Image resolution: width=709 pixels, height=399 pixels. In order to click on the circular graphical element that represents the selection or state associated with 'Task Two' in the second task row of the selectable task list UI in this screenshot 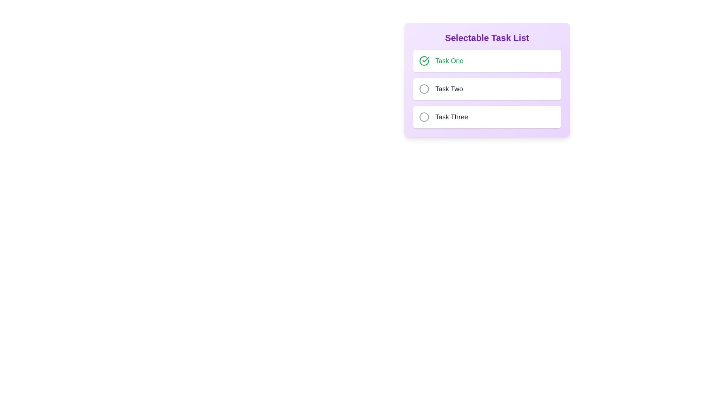, I will do `click(424, 88)`.